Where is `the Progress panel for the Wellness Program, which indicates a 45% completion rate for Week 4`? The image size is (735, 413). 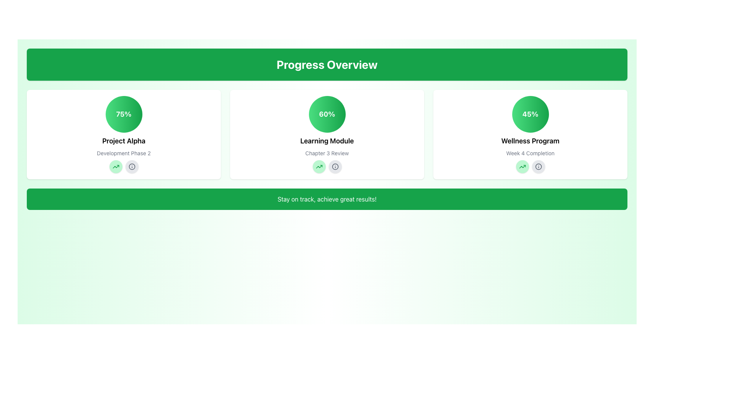 the Progress panel for the Wellness Program, which indicates a 45% completion rate for Week 4 is located at coordinates (530, 134).